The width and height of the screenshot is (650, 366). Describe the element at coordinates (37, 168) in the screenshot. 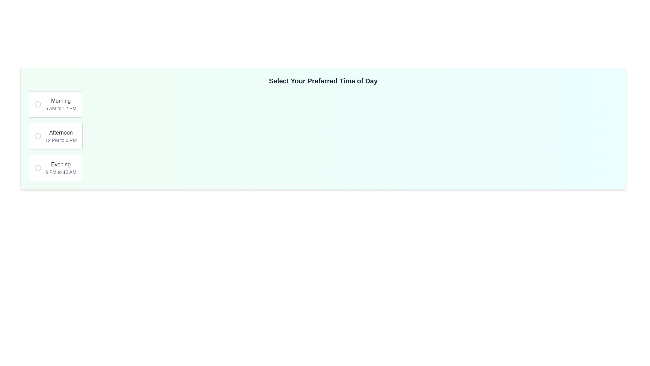

I see `the circular SVG element corresponding to the 'Evening' option in the time-selection interface` at that location.